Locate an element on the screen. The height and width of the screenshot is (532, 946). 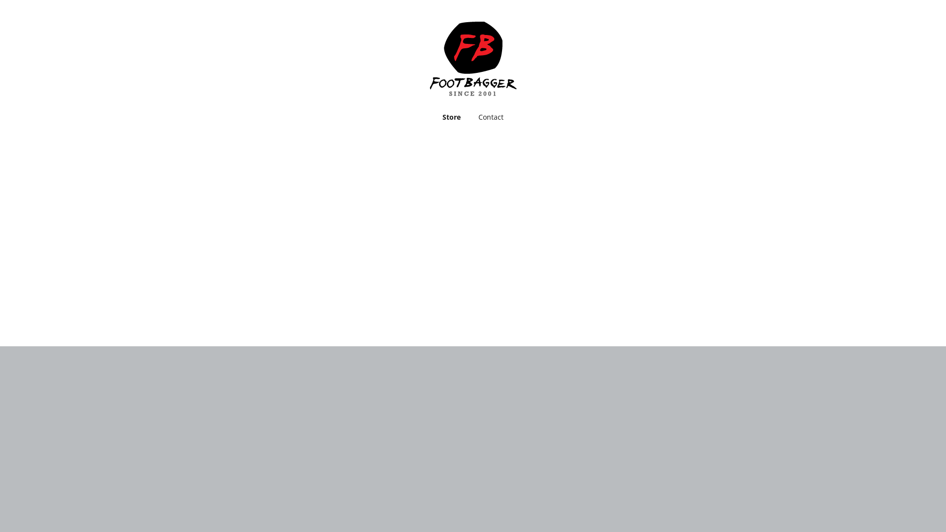
'Contact' is located at coordinates (491, 117).